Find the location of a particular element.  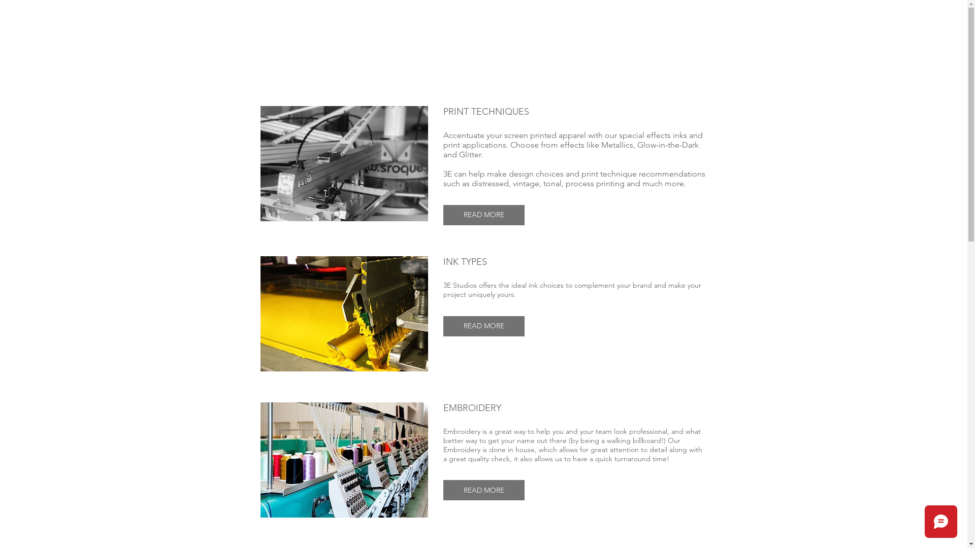

'EMBROIDERY.jpg' is located at coordinates (343, 460).